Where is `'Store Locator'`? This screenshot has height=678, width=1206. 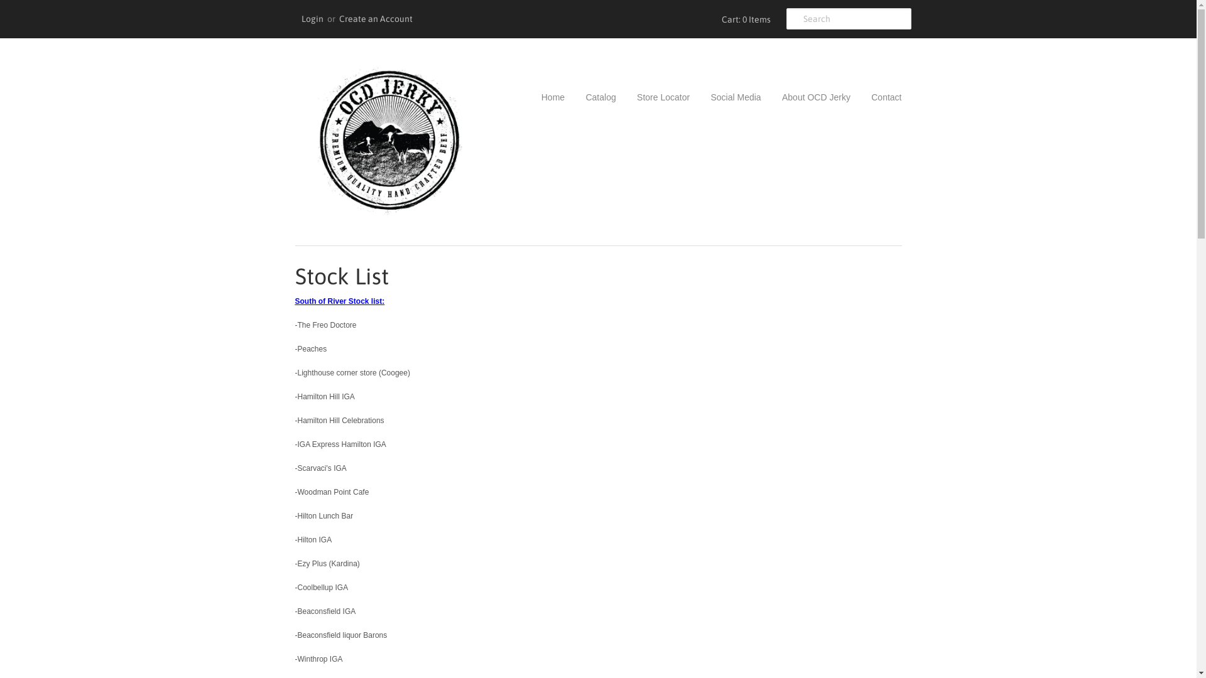 'Store Locator' is located at coordinates (653, 96).